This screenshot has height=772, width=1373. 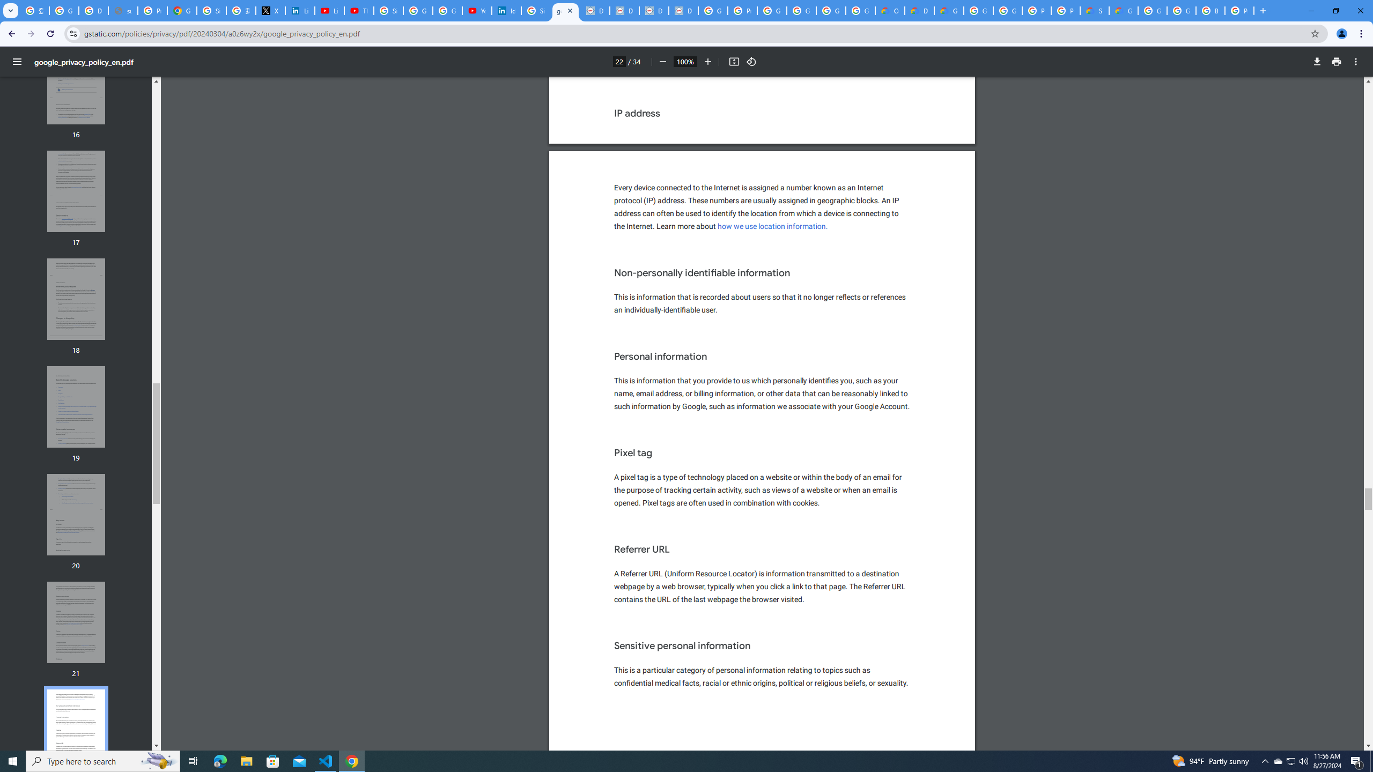 What do you see at coordinates (978, 10) in the screenshot?
I see `'Google Cloud Platform'` at bounding box center [978, 10].